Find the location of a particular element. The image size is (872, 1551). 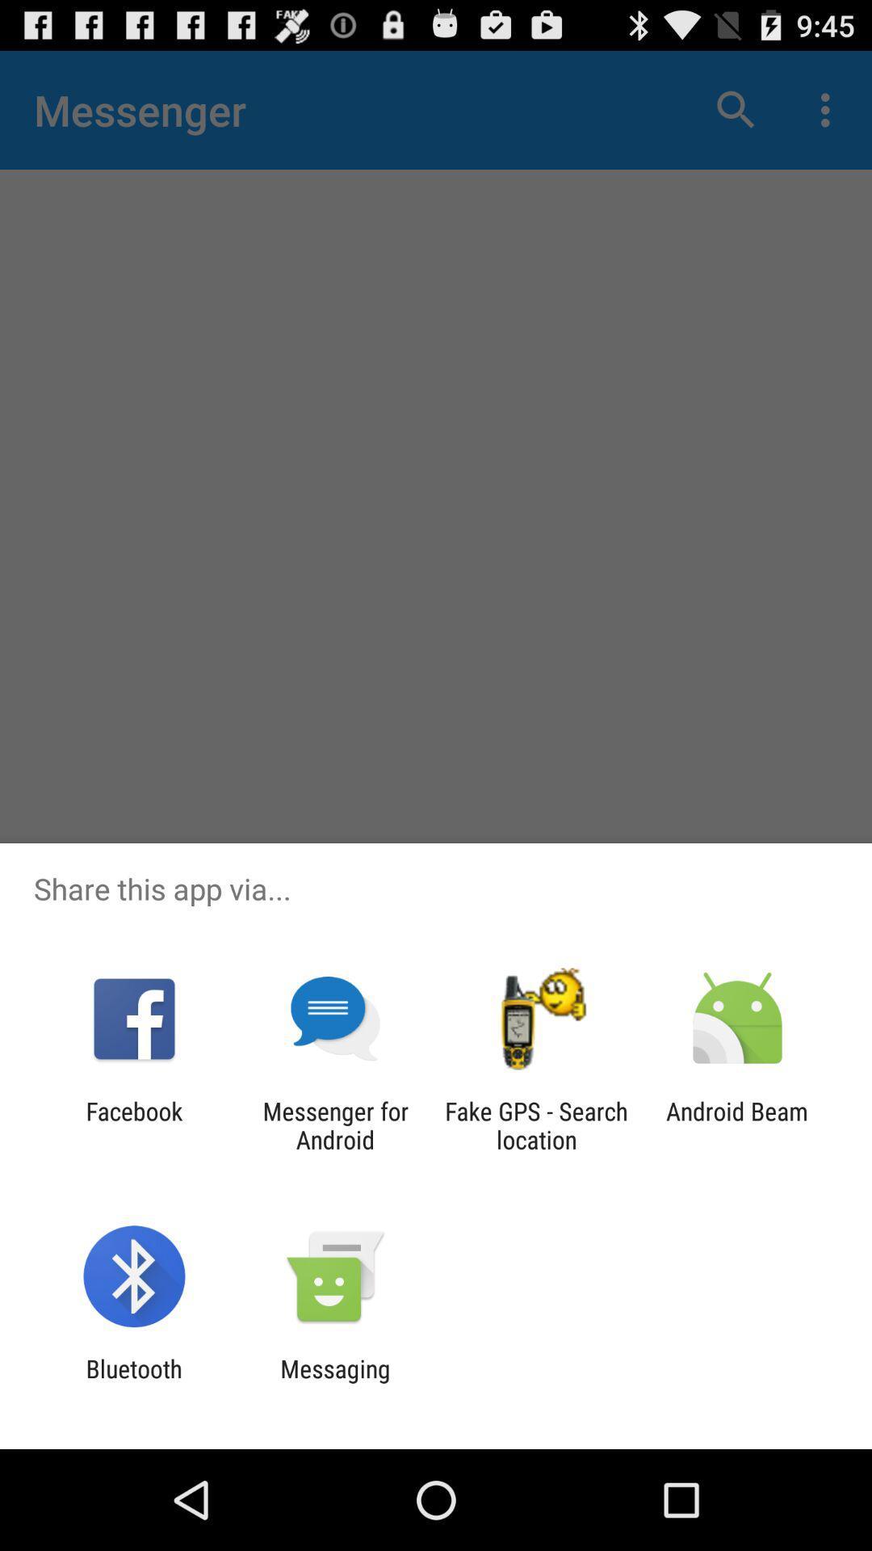

the android beam app is located at coordinates (737, 1124).